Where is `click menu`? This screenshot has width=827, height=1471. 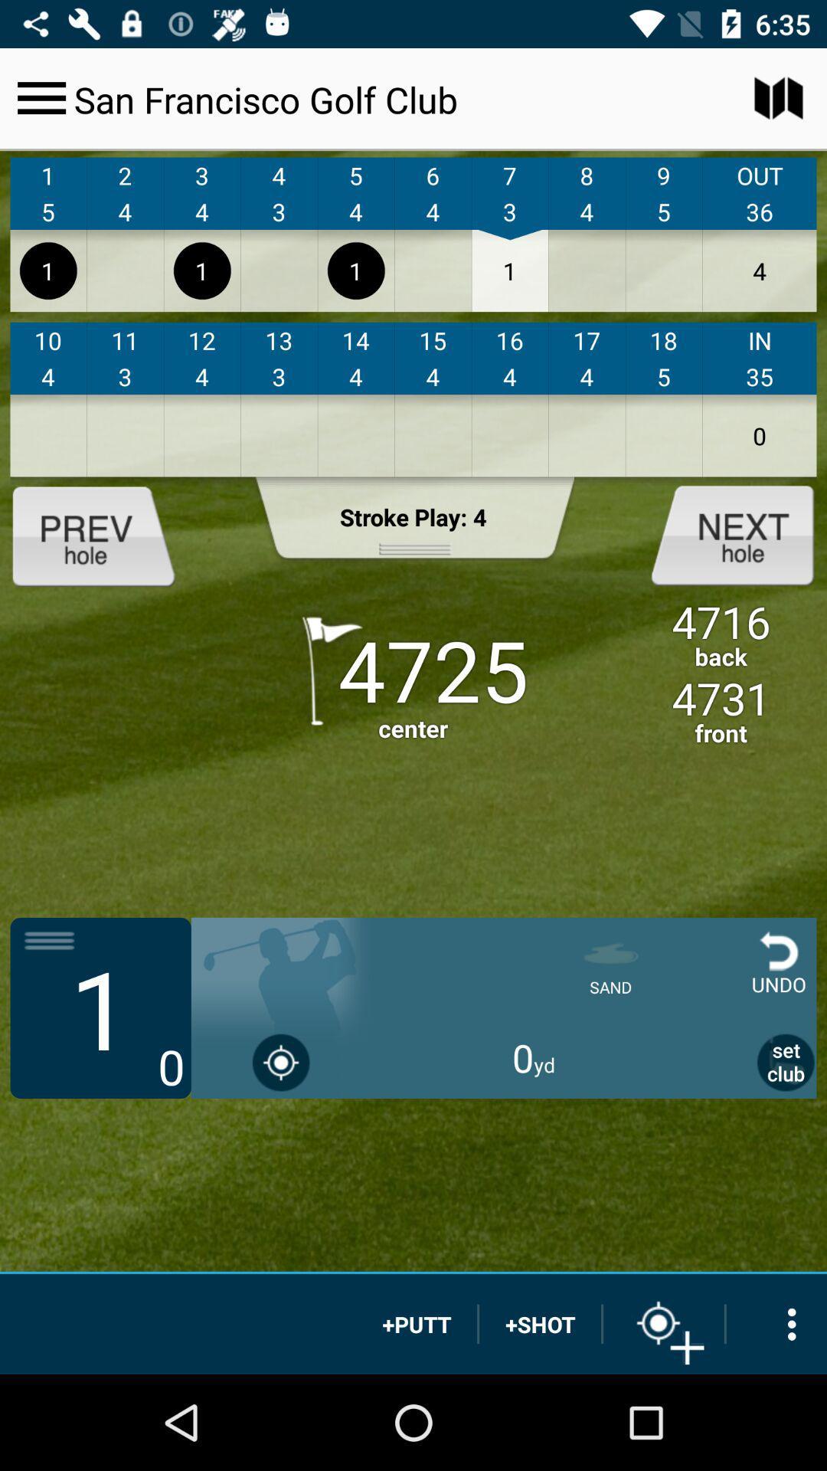
click menu is located at coordinates (41, 97).